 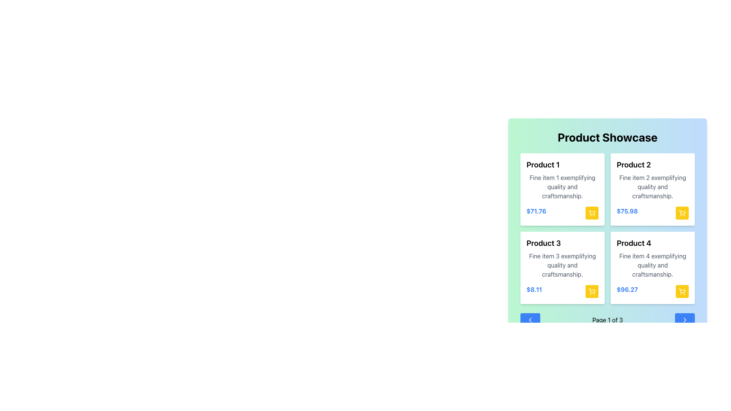 I want to click on the 'Add Product 4' icon located in the bottom right corner of the 'Product 4' section within a button group styled with a yellow background, so click(x=682, y=291).